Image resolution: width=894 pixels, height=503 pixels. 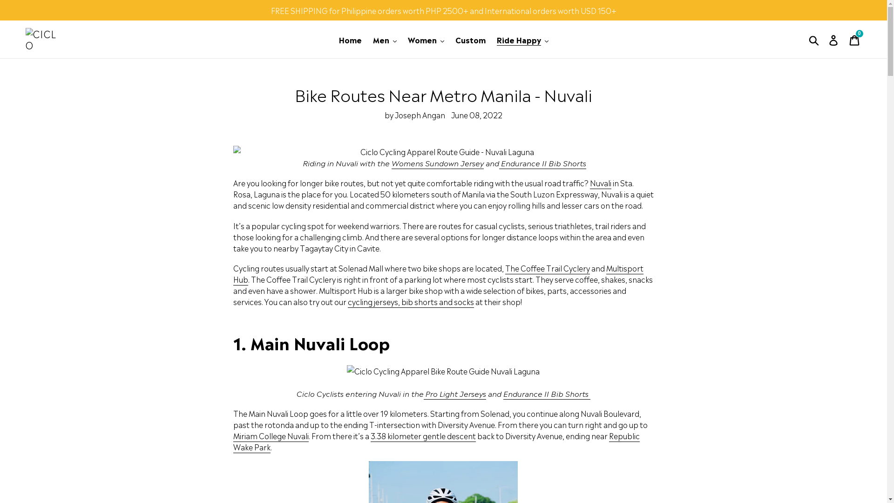 What do you see at coordinates (410, 302) in the screenshot?
I see `'cycling jerseys, bib shorts and socks'` at bounding box center [410, 302].